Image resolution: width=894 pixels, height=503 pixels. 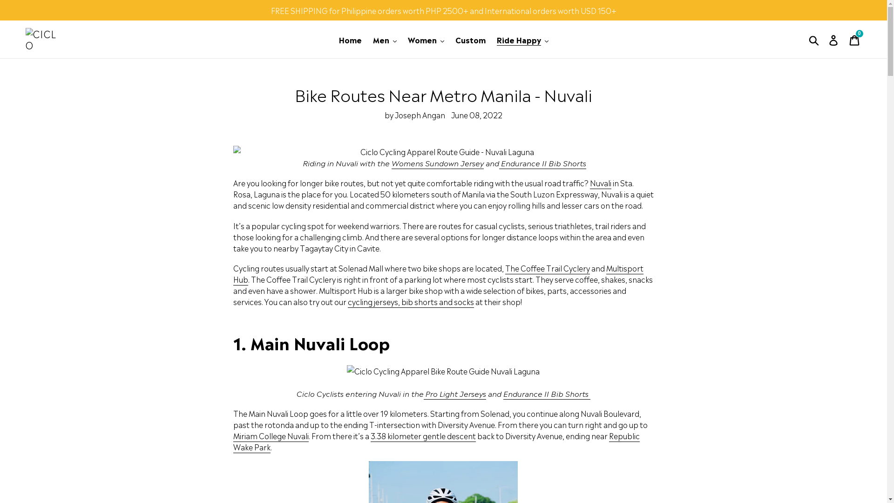 What do you see at coordinates (410, 302) in the screenshot?
I see `'cycling jerseys, bib shorts and socks'` at bounding box center [410, 302].